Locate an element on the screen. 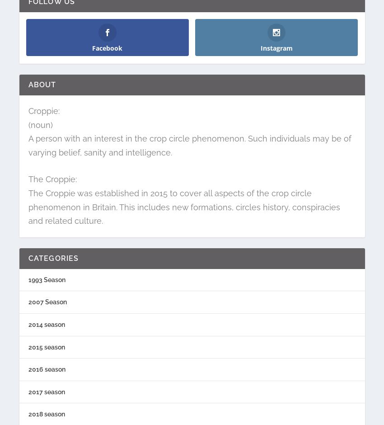 The height and width of the screenshot is (425, 384). '2018 season' is located at coordinates (46, 414).